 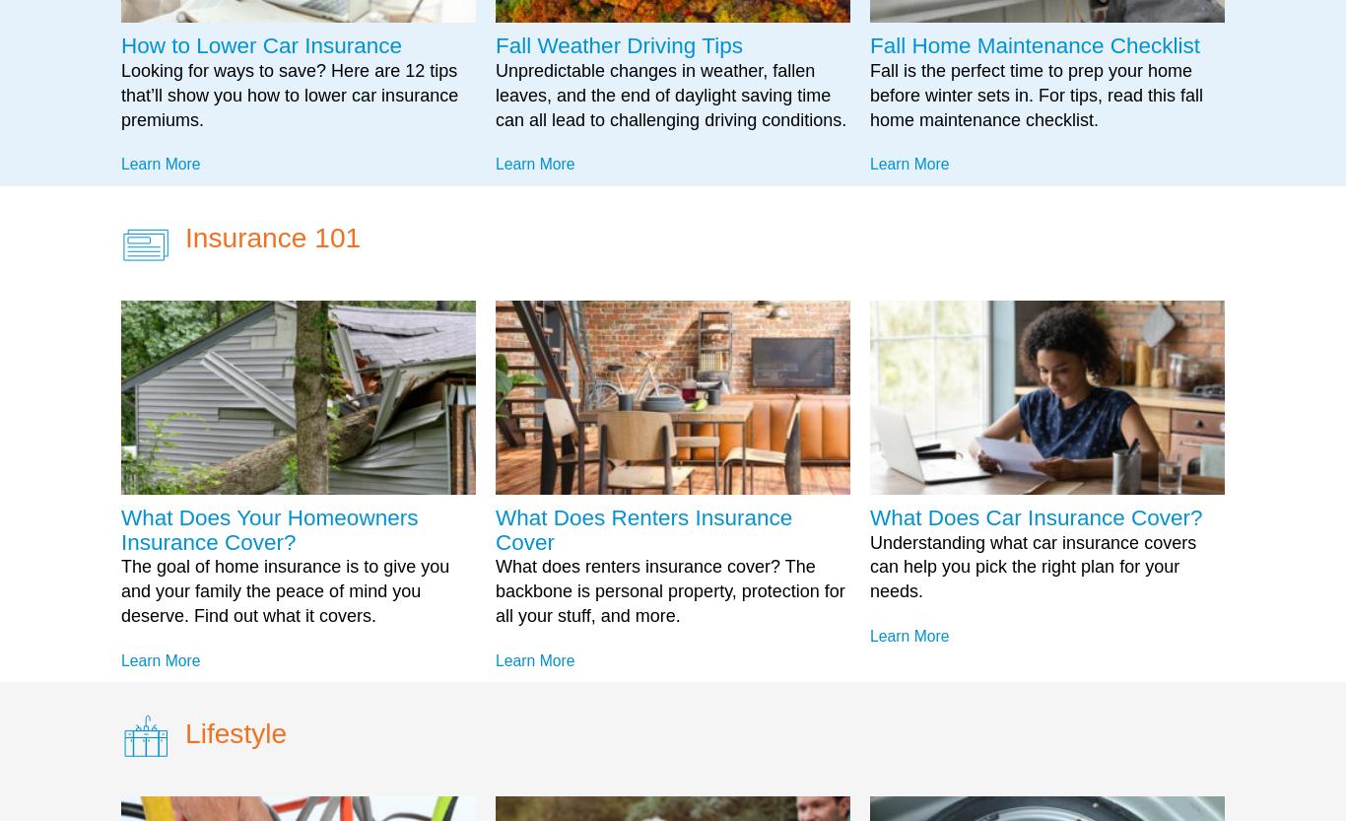 I want to click on 'Understanding what car insurance covers can help you pick the right plan for your needs.', so click(x=1031, y=566).